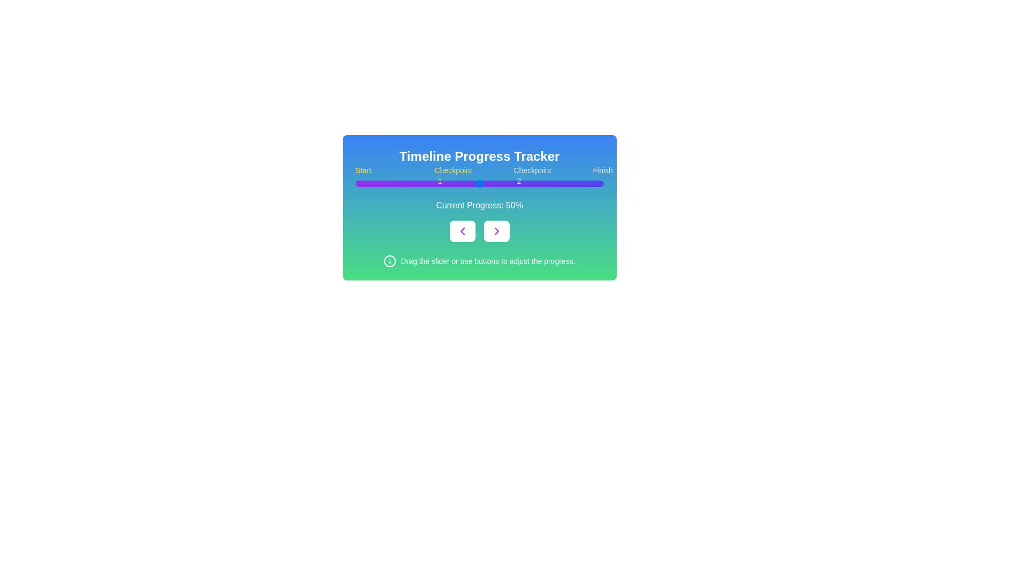 The width and height of the screenshot is (1027, 577). I want to click on the slider, so click(444, 183).